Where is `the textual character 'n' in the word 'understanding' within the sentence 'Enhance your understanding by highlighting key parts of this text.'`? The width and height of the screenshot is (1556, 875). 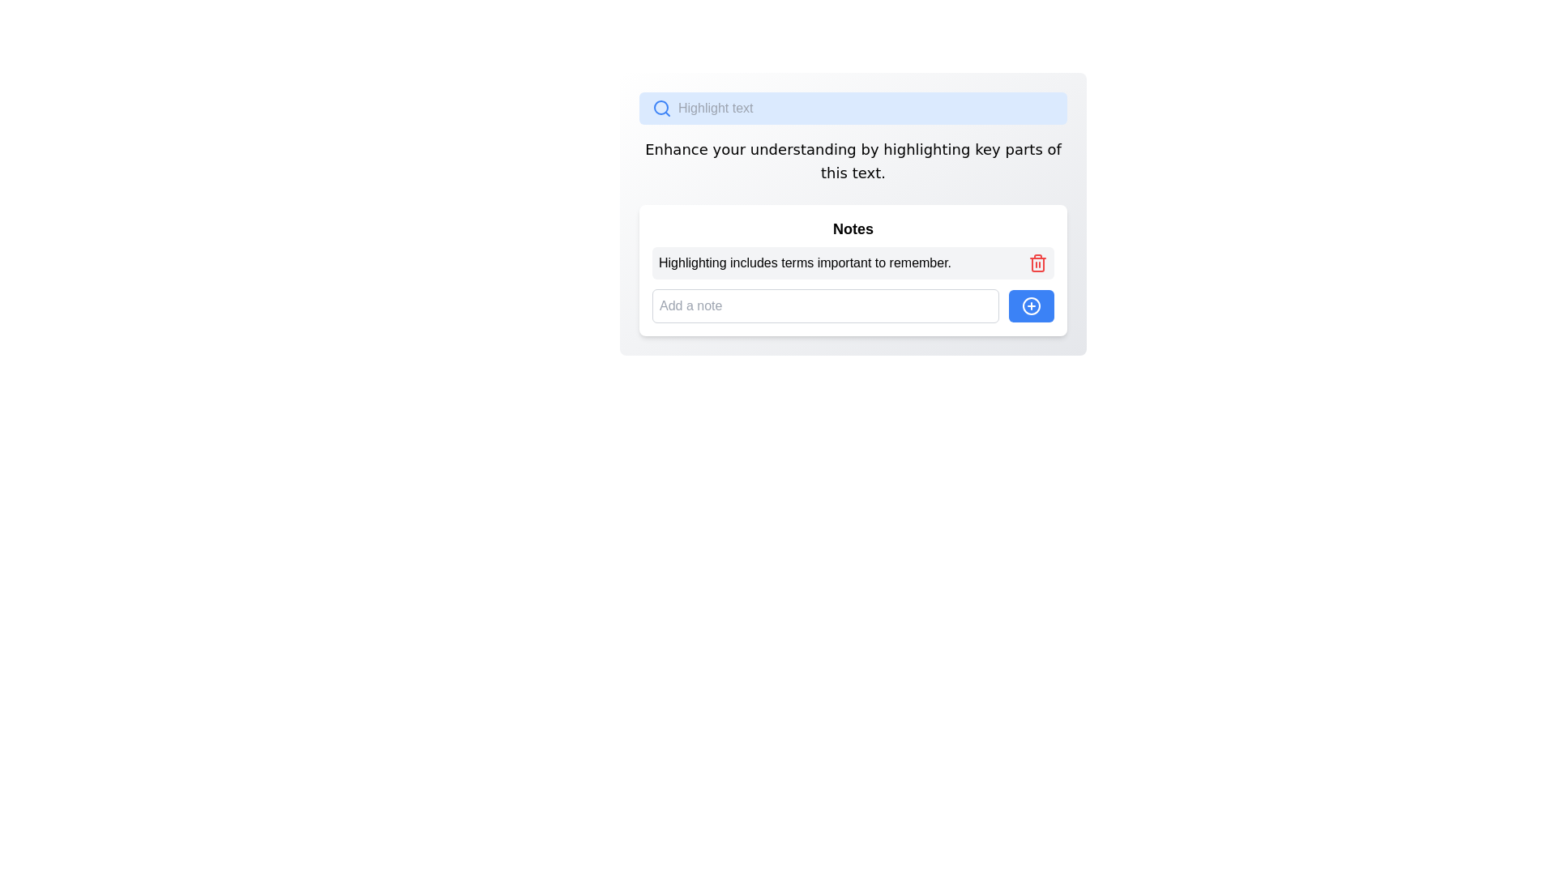 the textual character 'n' in the word 'understanding' within the sentence 'Enhance your understanding by highlighting key parts of this text.' is located at coordinates (763, 149).